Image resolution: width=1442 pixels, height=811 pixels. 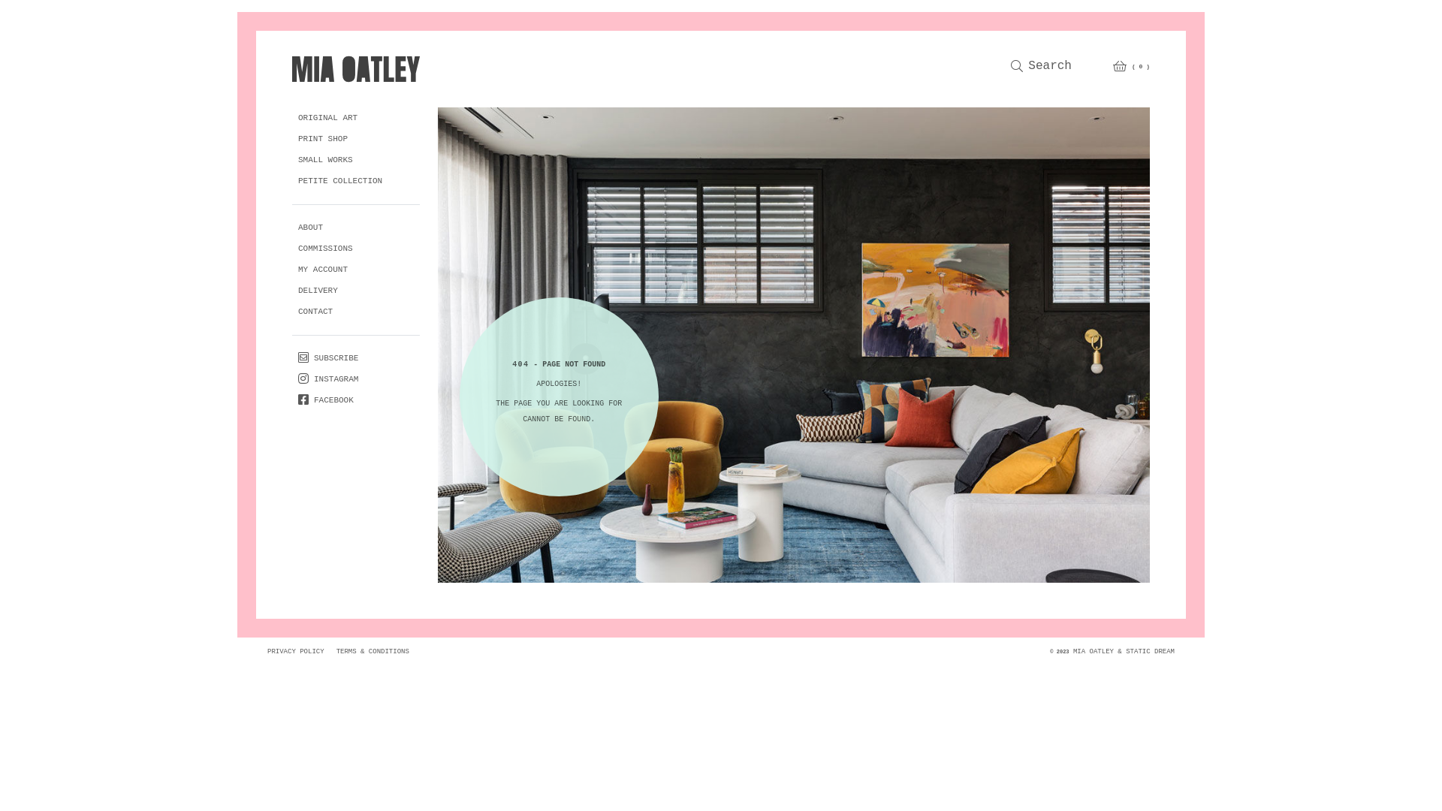 I want to click on 'Instagram', so click(x=327, y=378).